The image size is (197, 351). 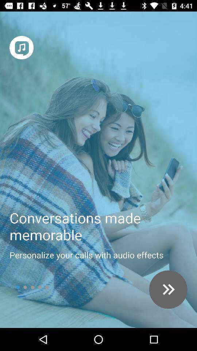 I want to click on the item at the bottom right corner, so click(x=168, y=290).